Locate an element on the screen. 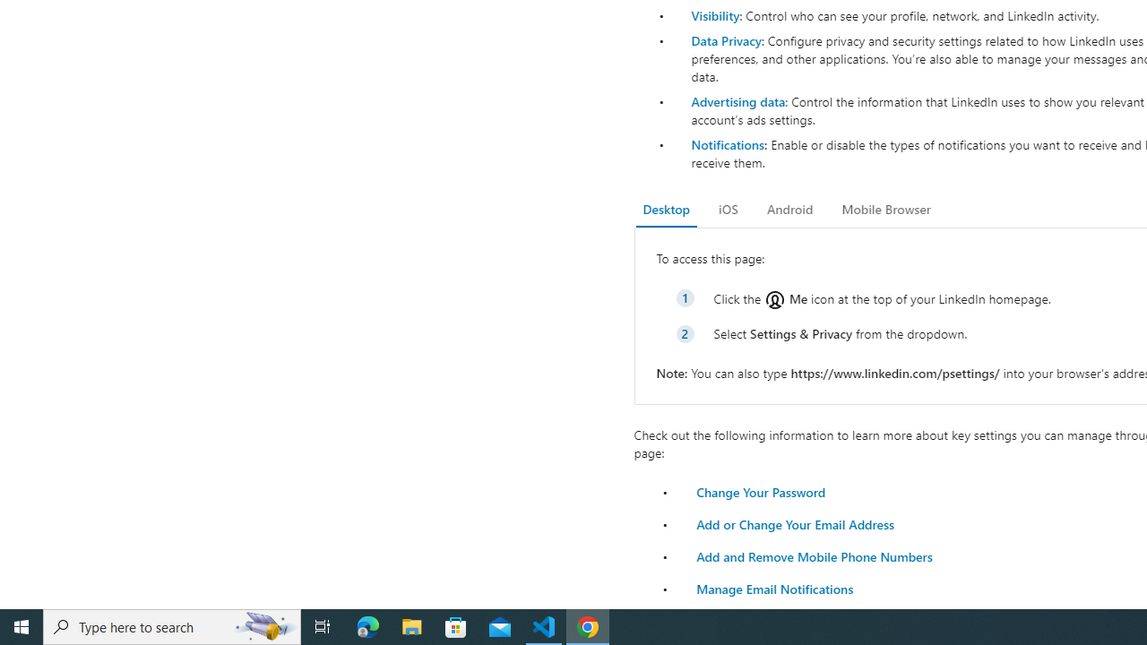 This screenshot has width=1147, height=645. 'Add and Remove Mobile Phone Numbers' is located at coordinates (813, 555).